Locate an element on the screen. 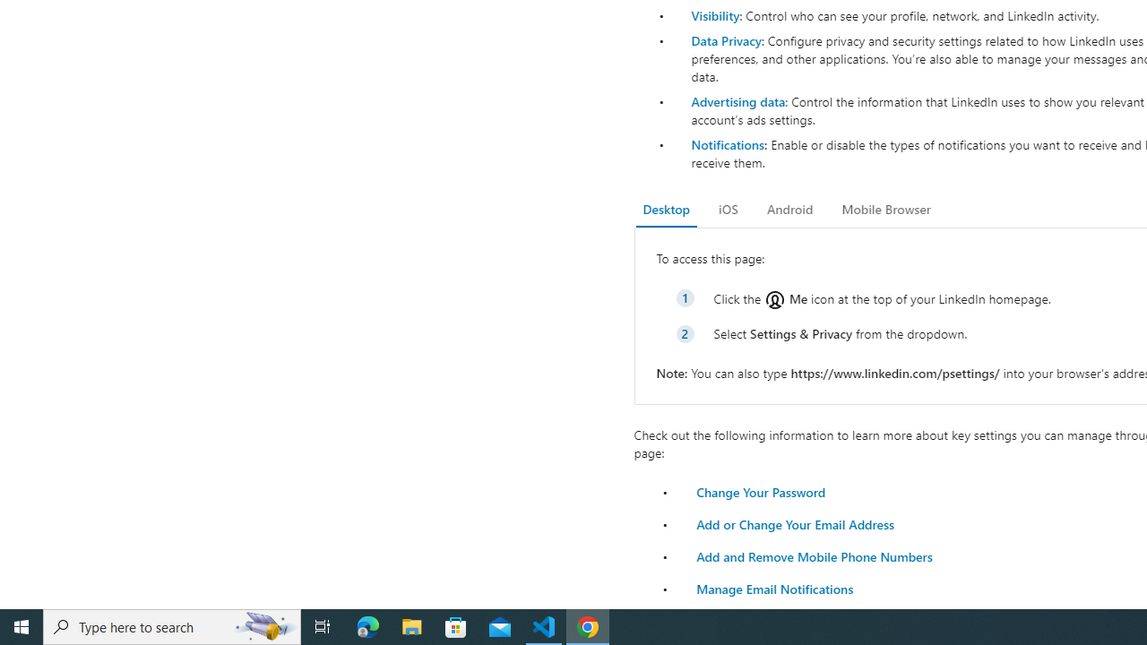 This screenshot has width=1147, height=645. 'Add and Remove Mobile Phone Numbers' is located at coordinates (813, 555).